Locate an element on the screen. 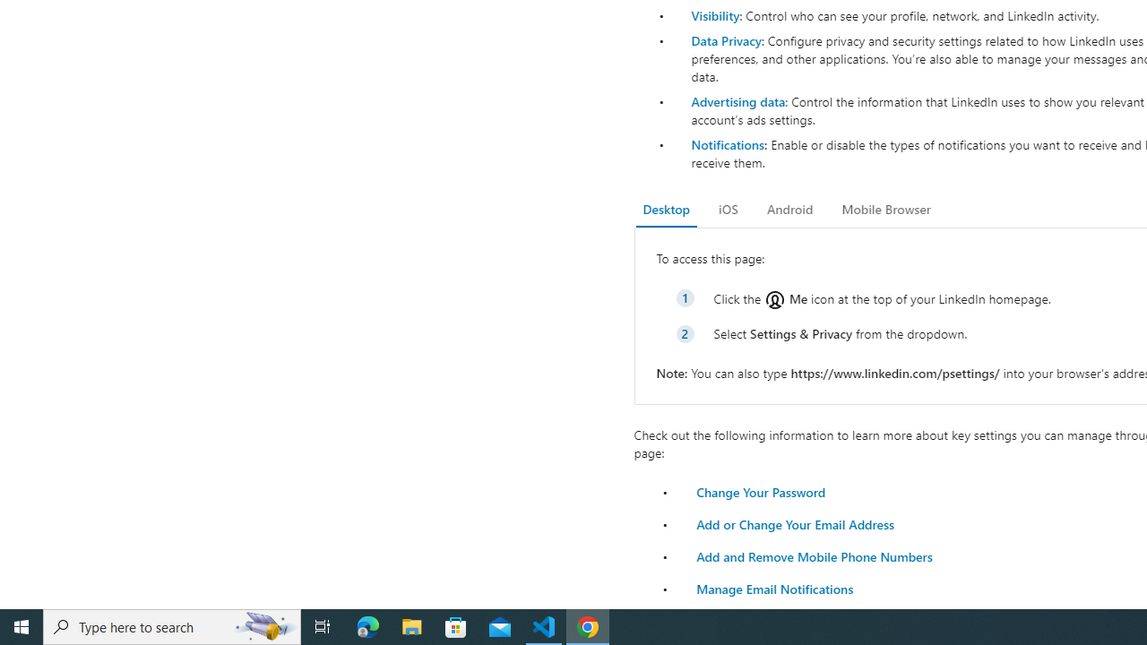 This screenshot has width=1147, height=645. 'Add and Remove Mobile Phone Numbers' is located at coordinates (813, 555).